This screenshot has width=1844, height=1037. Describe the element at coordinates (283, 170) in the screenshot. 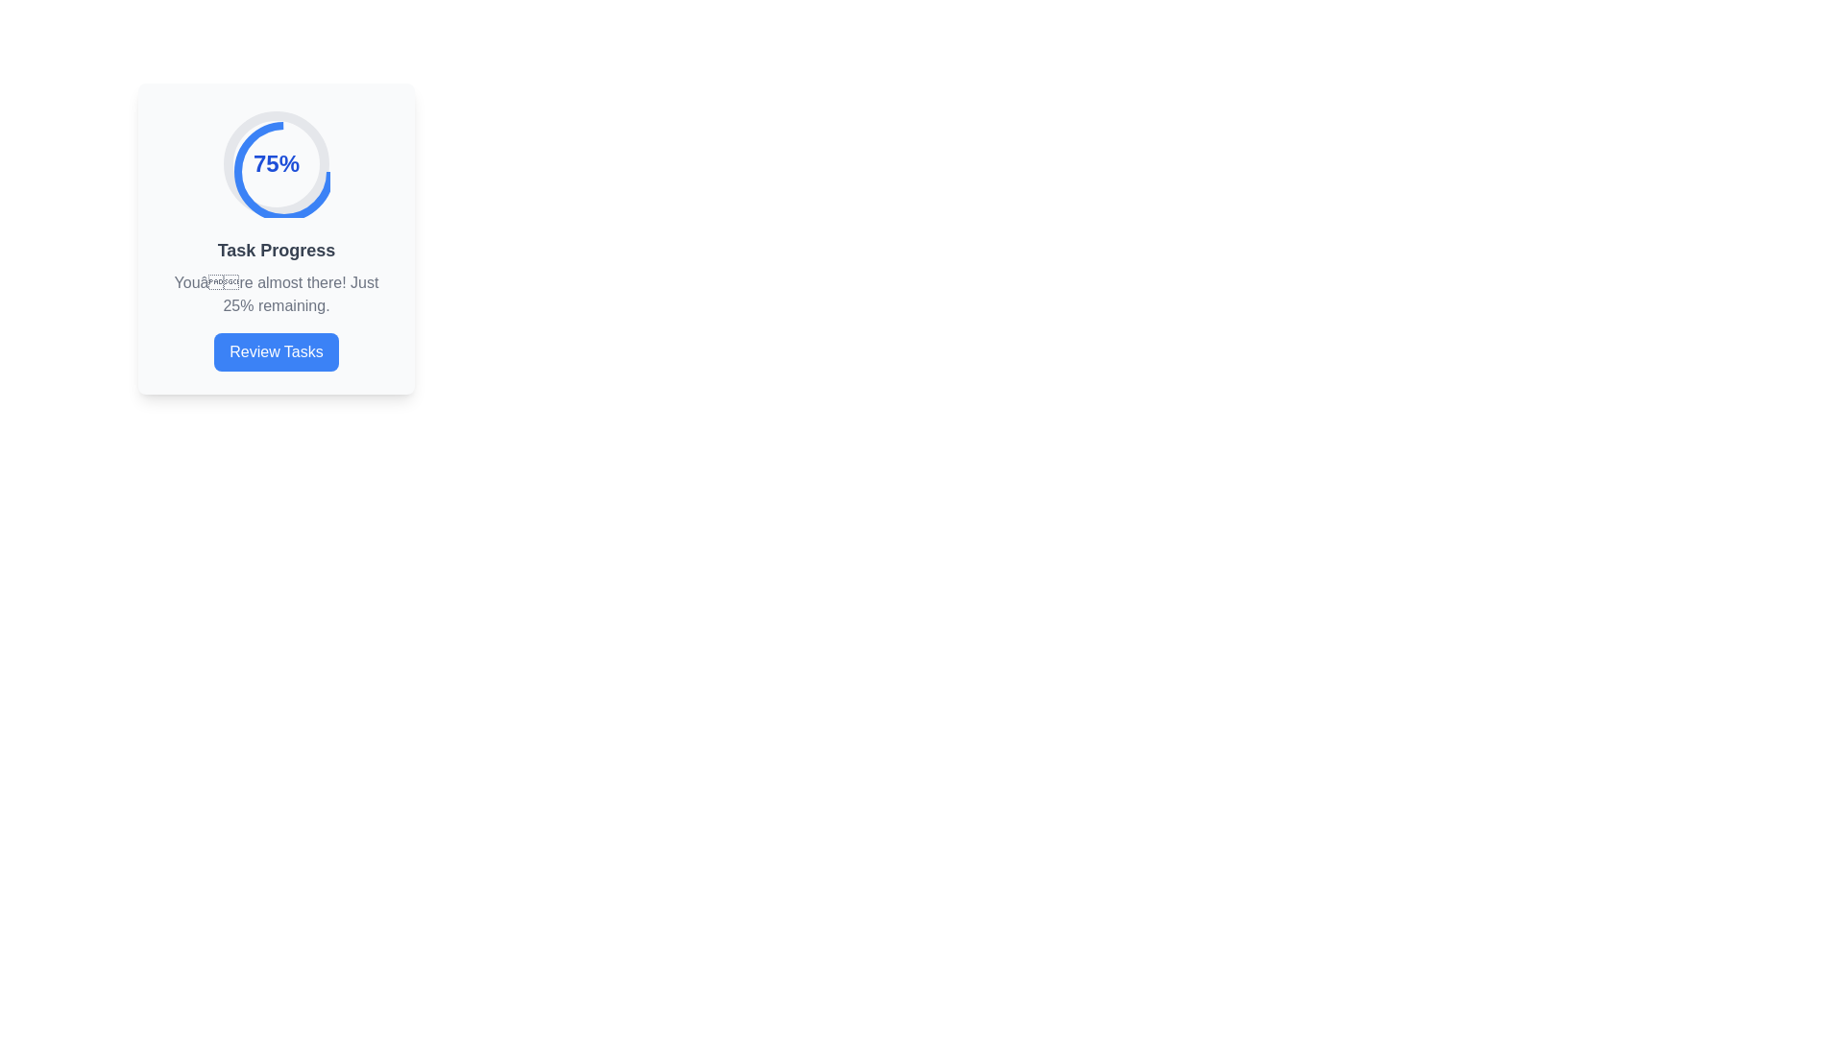

I see `the circular progress indicator which is styled with a blue line on a white background and includes a percentage label inside the circle, located at the center of the card component` at that location.